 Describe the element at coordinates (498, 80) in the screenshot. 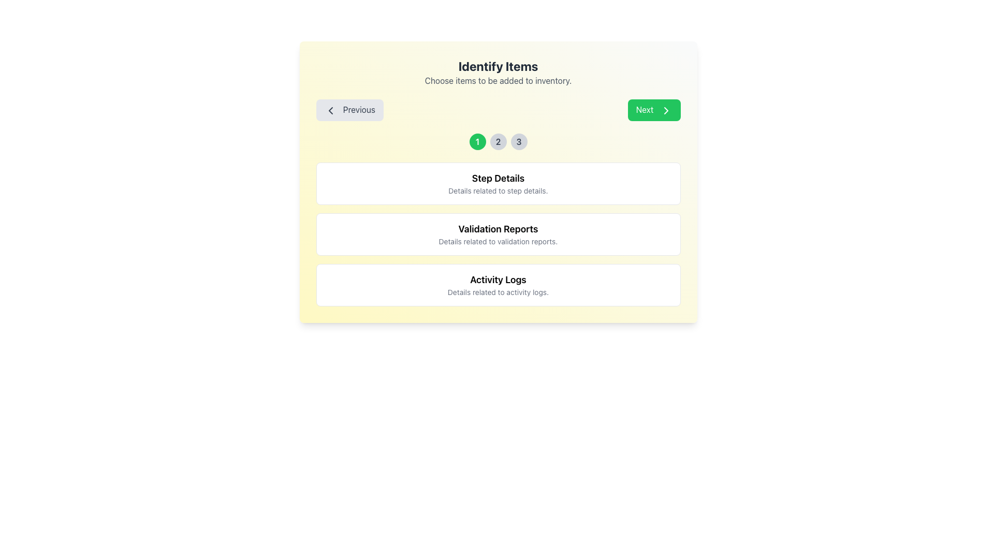

I see `the text label that reads 'Choose items to be added to inventory.' which is located directly beneath the bold header 'Identify Items.'` at that location.